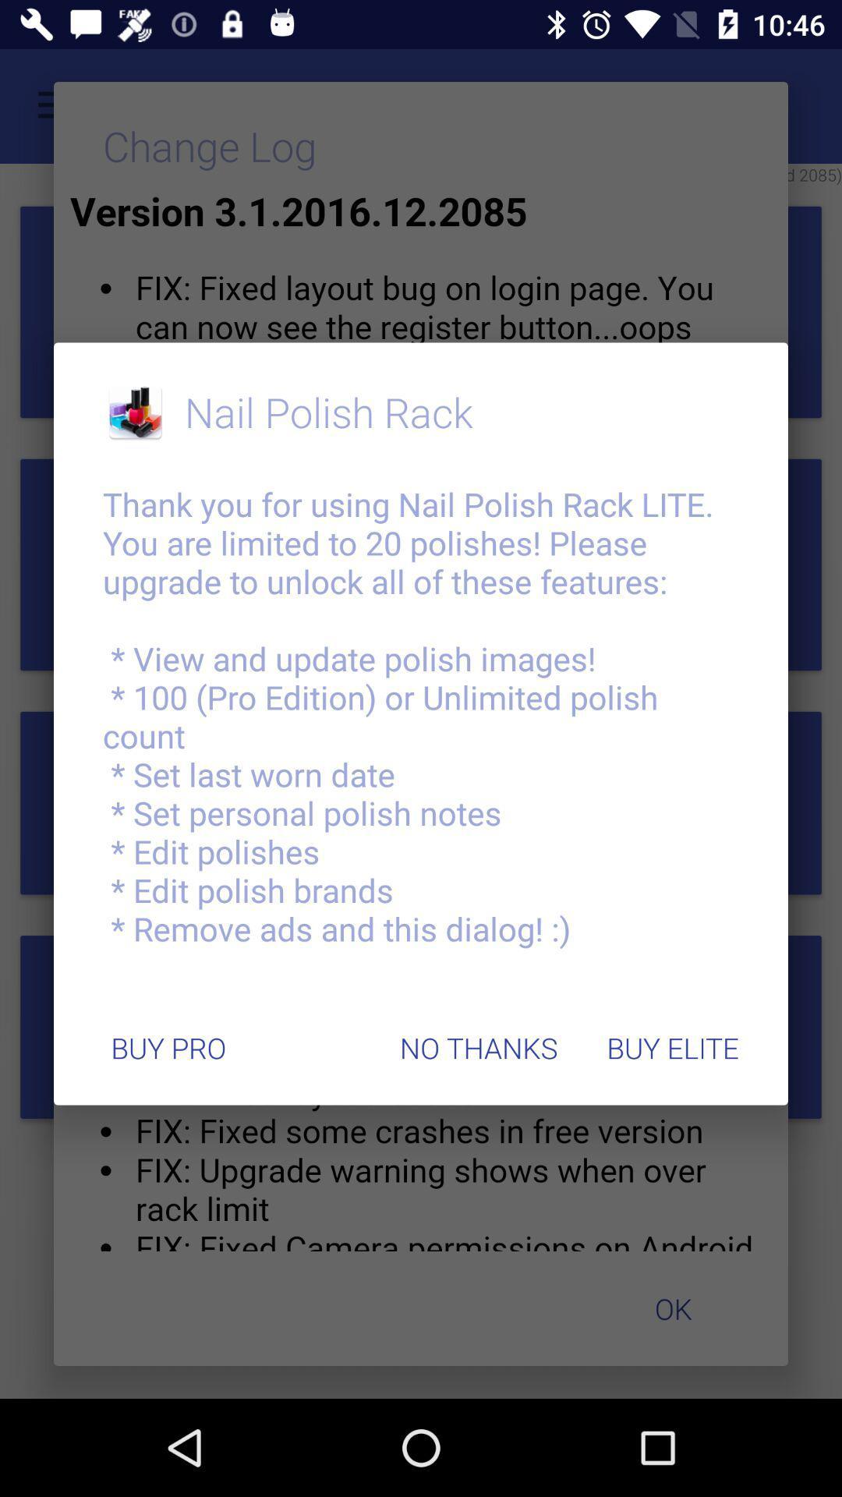 The height and width of the screenshot is (1497, 842). Describe the element at coordinates (478, 1048) in the screenshot. I see `icon next to buy pro item` at that location.